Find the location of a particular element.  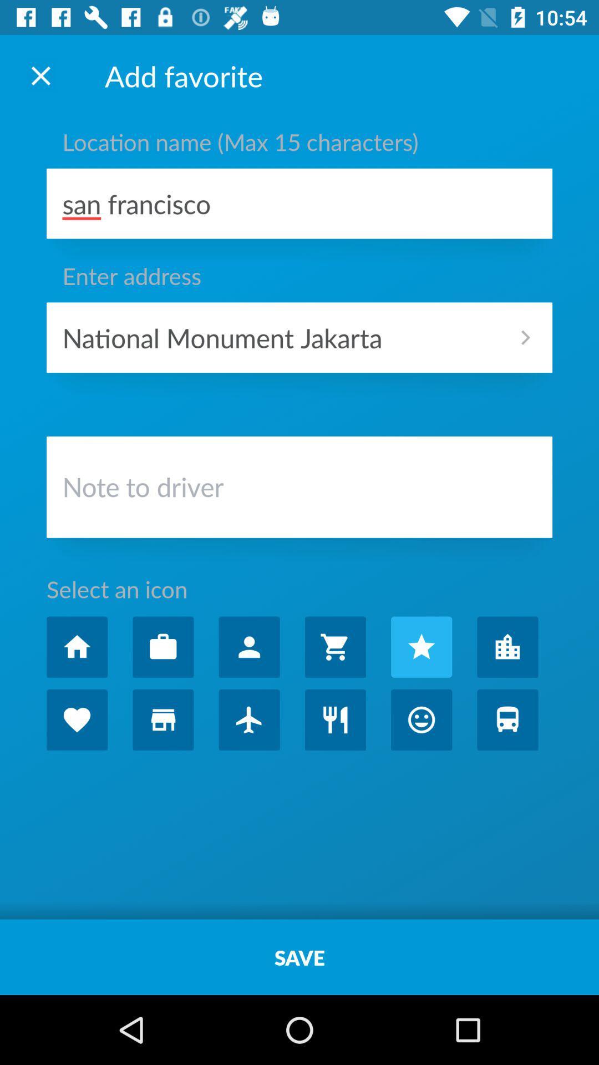

work is located at coordinates (163, 647).